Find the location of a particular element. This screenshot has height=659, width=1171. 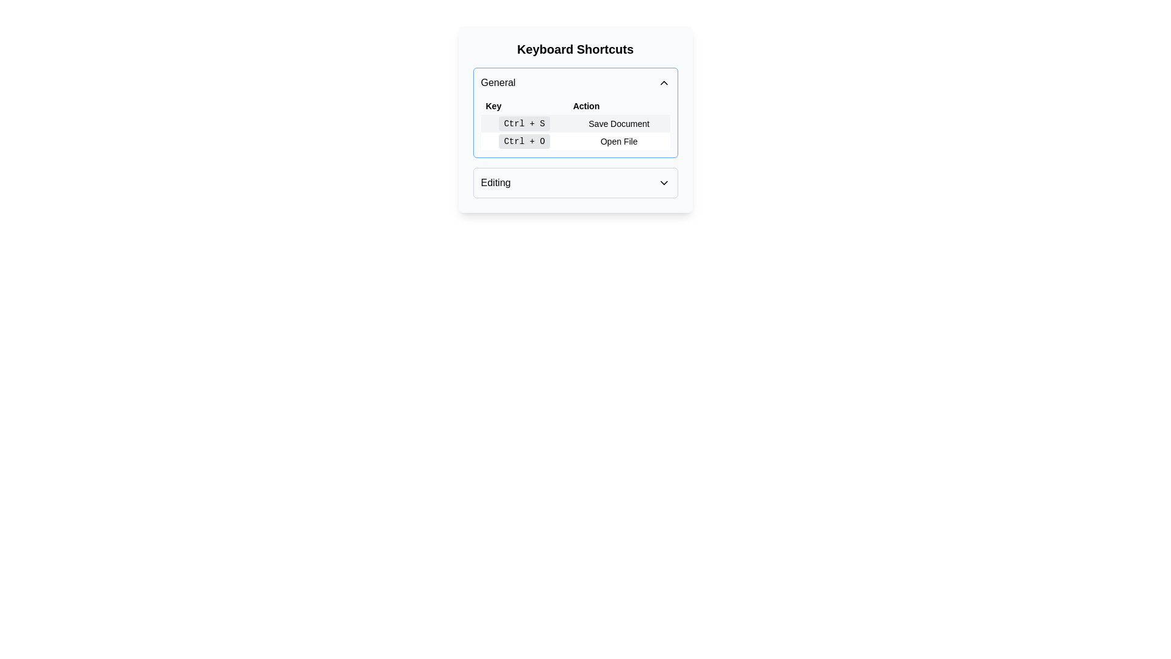

an option from the 'Editing' dropdown menu located in the 'Keyboard Shortcuts' section, which is visually represented by the text 'Editing' and a chevron icon is located at coordinates (575, 183).